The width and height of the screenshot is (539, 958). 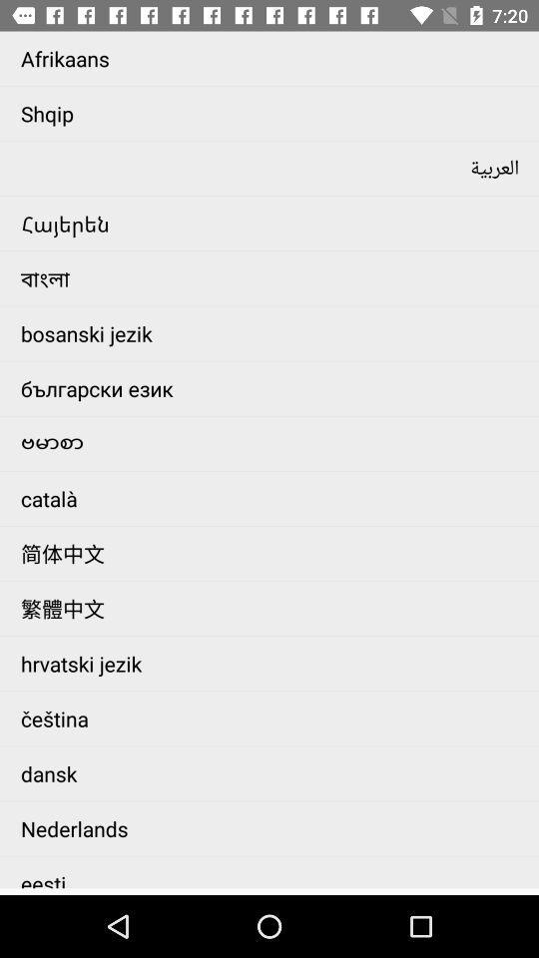 I want to click on app below the bosanski jezik item, so click(x=273, y=387).